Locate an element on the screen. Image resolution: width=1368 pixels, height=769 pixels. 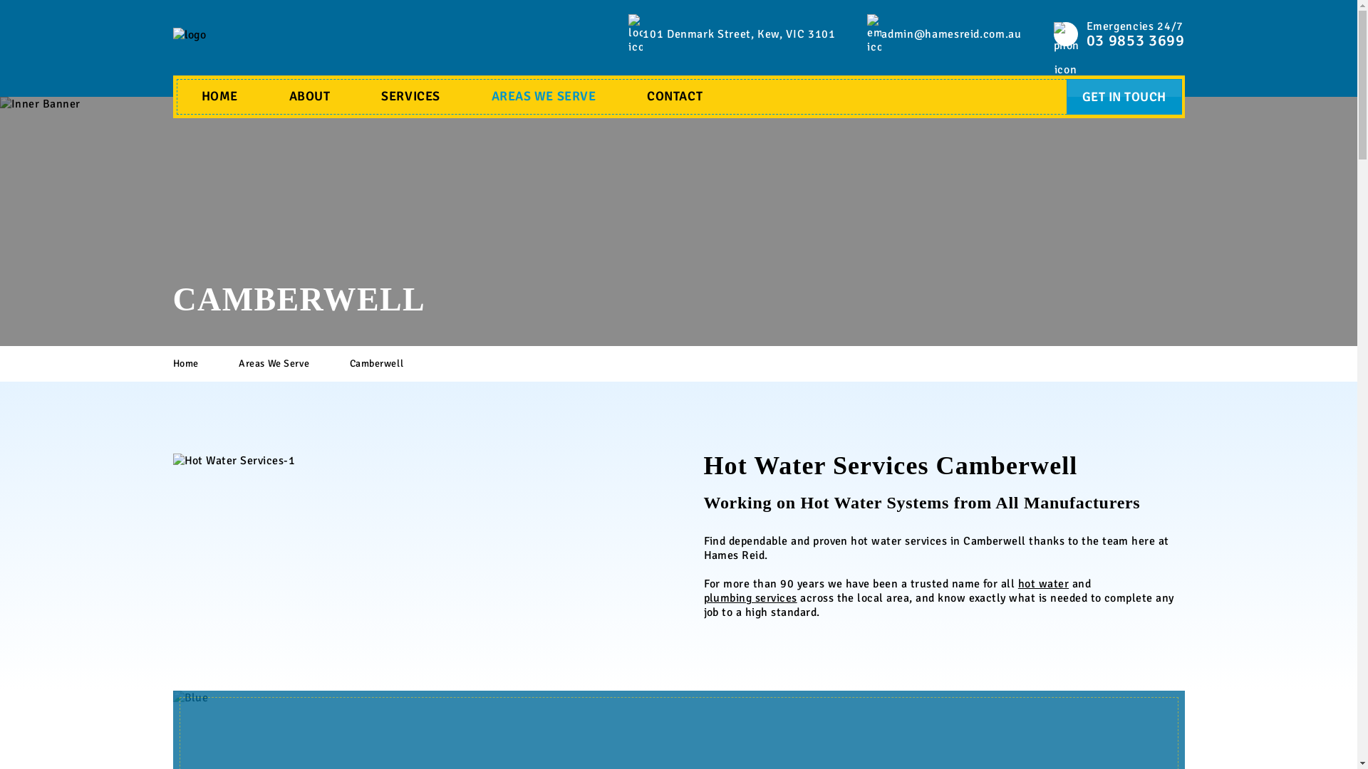
'plumbing services' is located at coordinates (750, 598).